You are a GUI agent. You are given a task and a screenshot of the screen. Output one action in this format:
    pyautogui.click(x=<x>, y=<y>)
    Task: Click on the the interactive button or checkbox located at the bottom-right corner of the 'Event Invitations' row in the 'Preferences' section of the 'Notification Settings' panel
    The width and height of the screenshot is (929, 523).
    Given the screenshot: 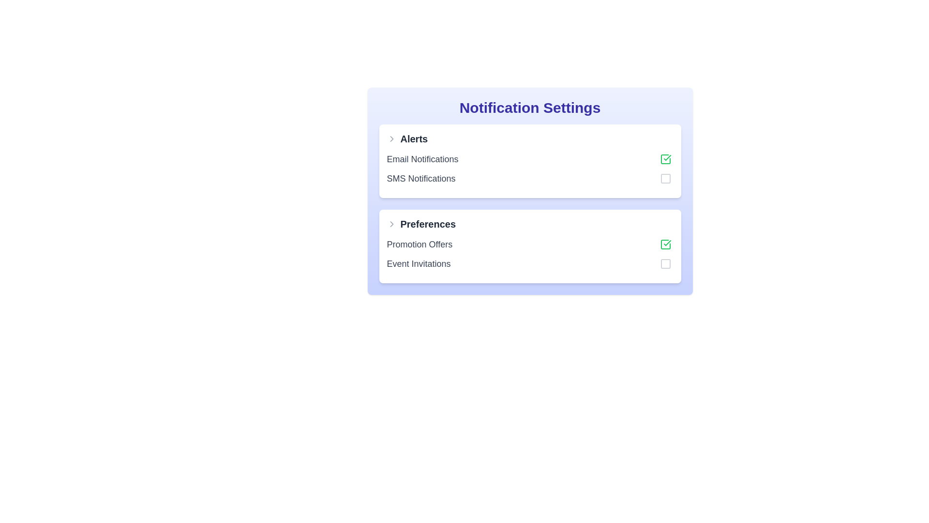 What is the action you would take?
    pyautogui.click(x=665, y=263)
    